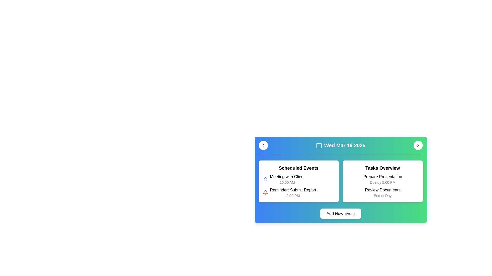 This screenshot has height=276, width=492. I want to click on the 'Add New Event' button, which is a white rectangular button with rounded corners located at the bottom of the card interface, so click(341, 214).